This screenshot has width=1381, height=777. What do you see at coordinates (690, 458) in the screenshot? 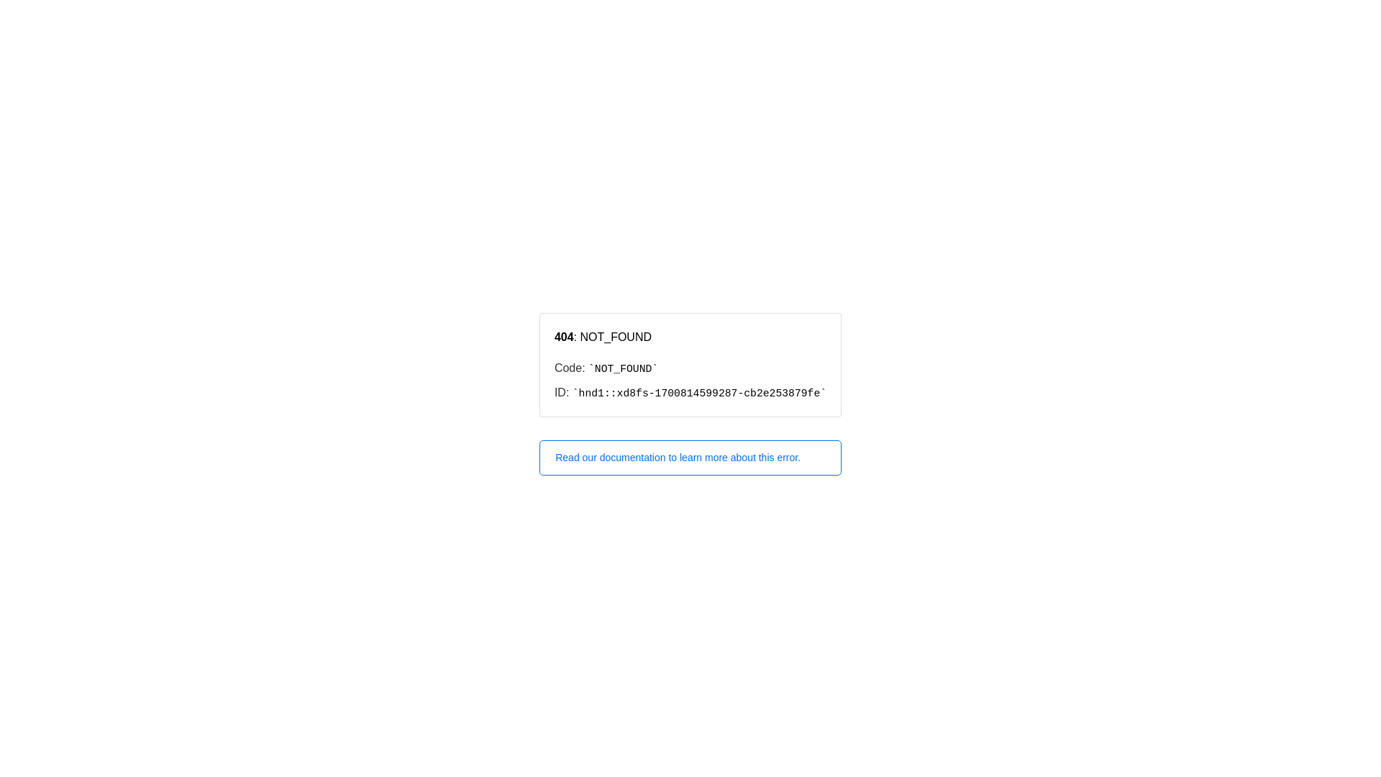
I see `'Read our documentation to learn more about this error.'` at bounding box center [690, 458].